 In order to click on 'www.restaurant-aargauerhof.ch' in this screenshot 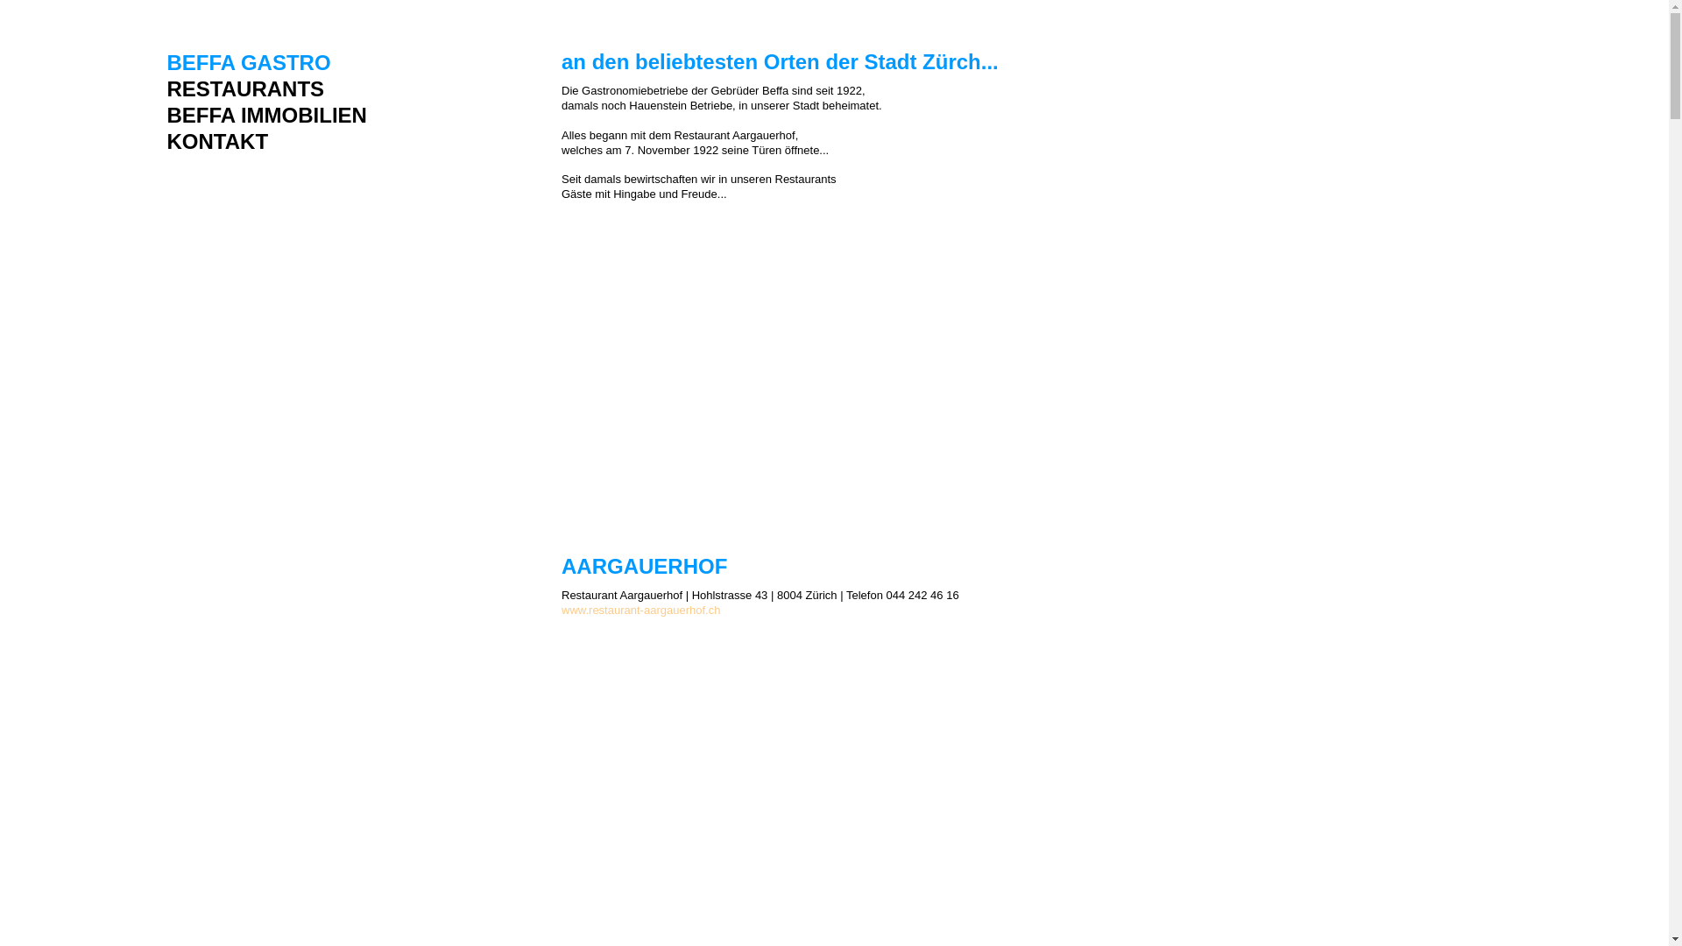, I will do `click(640, 609)`.